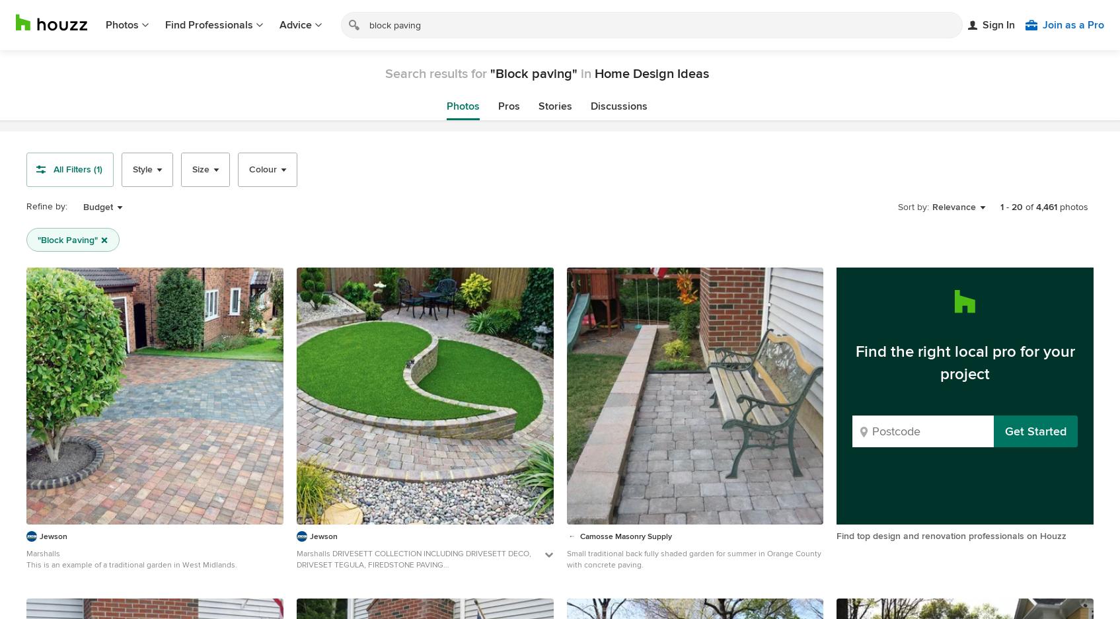  What do you see at coordinates (385, 575) in the screenshot?
I see `'Photo of a contemporary garden in West Midlands.'` at bounding box center [385, 575].